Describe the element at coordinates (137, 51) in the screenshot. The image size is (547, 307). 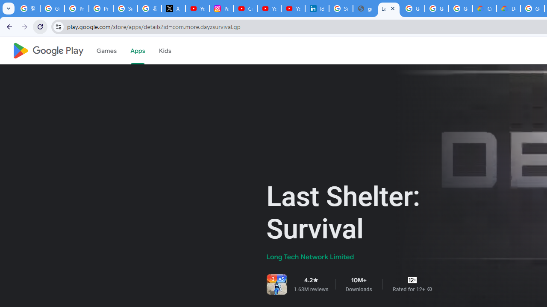
I see `'Apps'` at that location.